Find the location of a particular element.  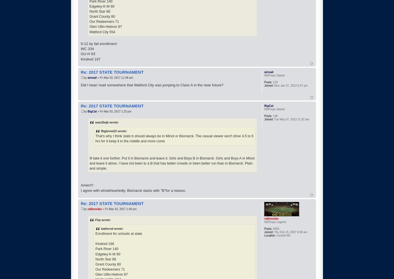

'» Fri Mar 03, 2017 1:48 pm' is located at coordinates (119, 209).